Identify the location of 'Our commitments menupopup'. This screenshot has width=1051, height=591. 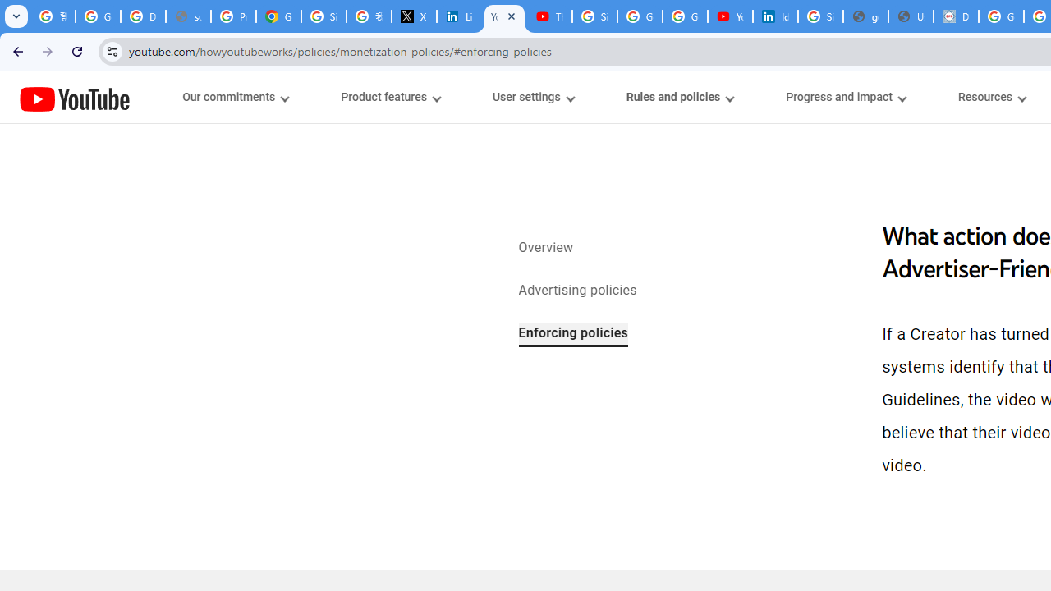
(234, 97).